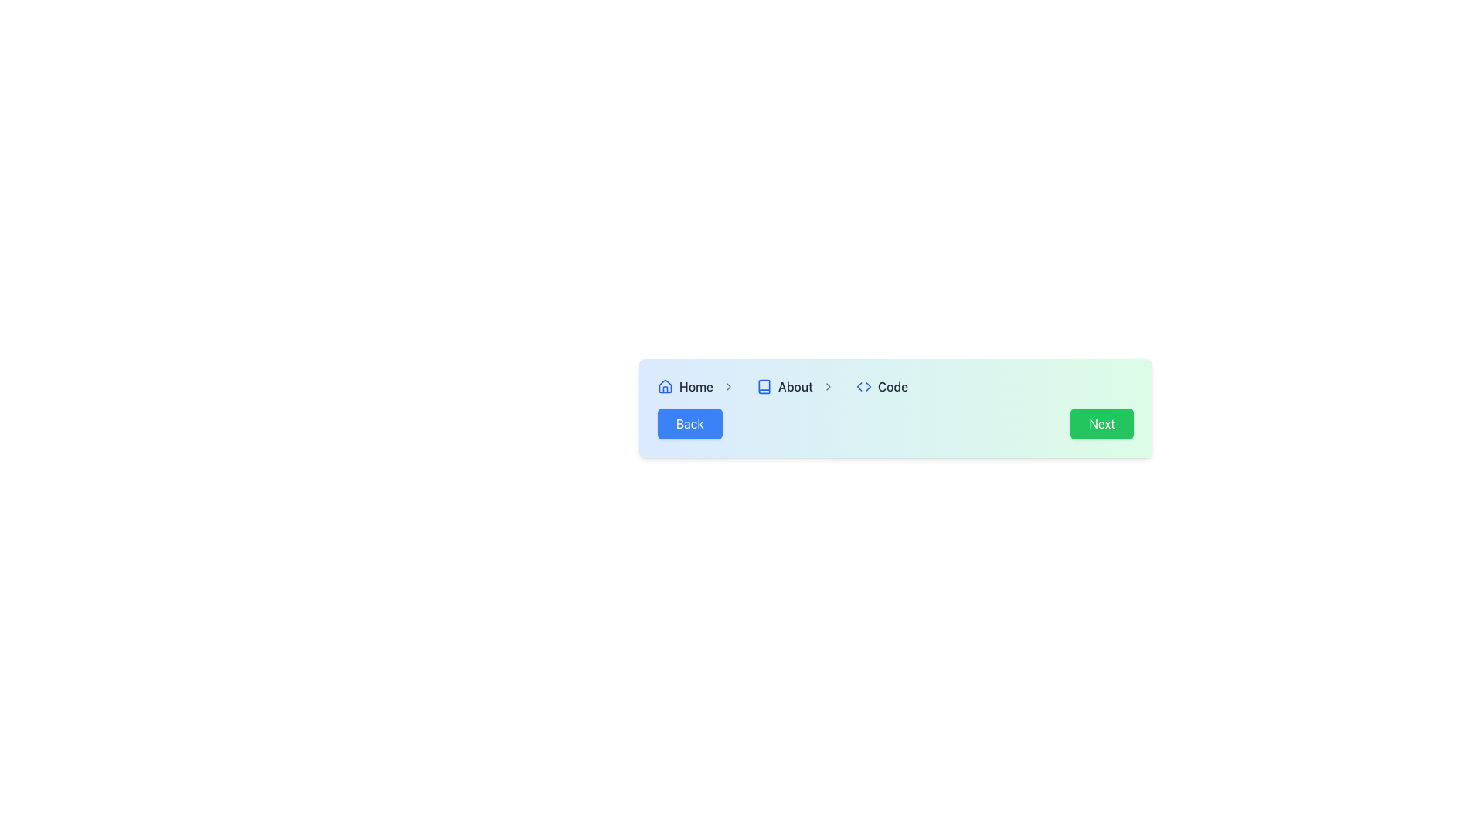 Image resolution: width=1484 pixels, height=834 pixels. What do you see at coordinates (727, 386) in the screenshot?
I see `the chevron right arrow icon in the breadcrumb navigation bar, which is styled as an SVG graphic and located next to the 'Home' text` at bounding box center [727, 386].